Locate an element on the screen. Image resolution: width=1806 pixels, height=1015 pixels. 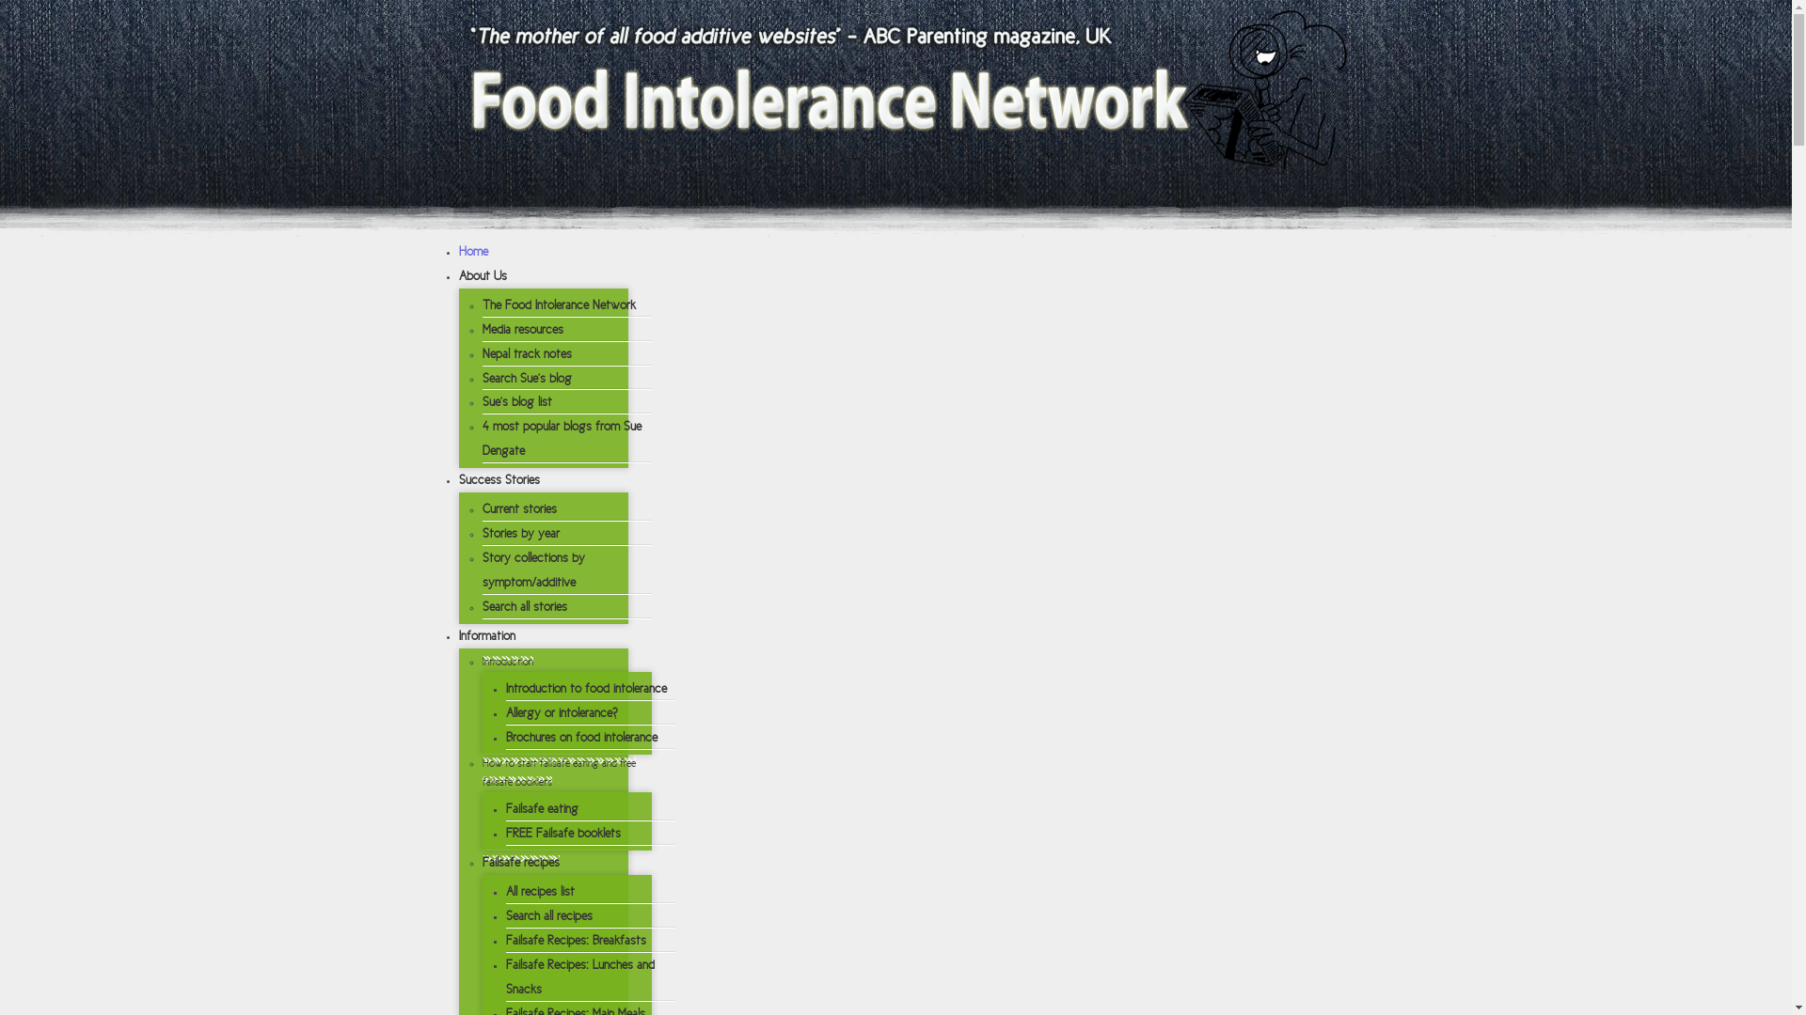
'Story collections by symptom/additive' is located at coordinates (531, 569).